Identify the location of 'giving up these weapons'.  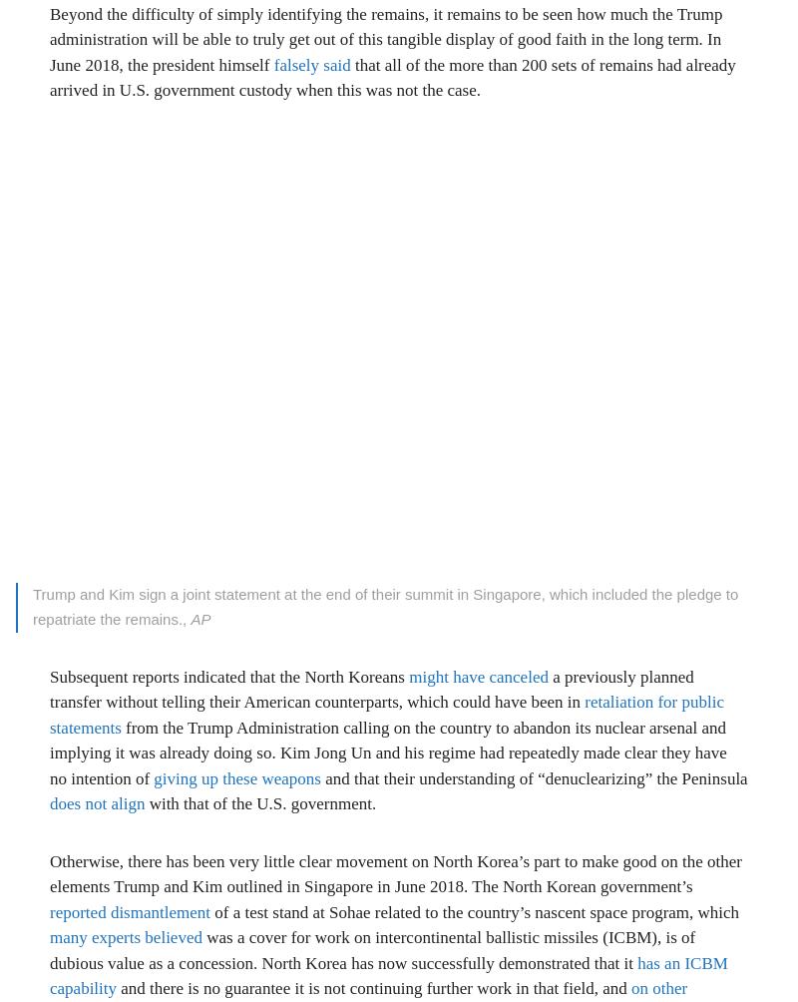
(235, 777).